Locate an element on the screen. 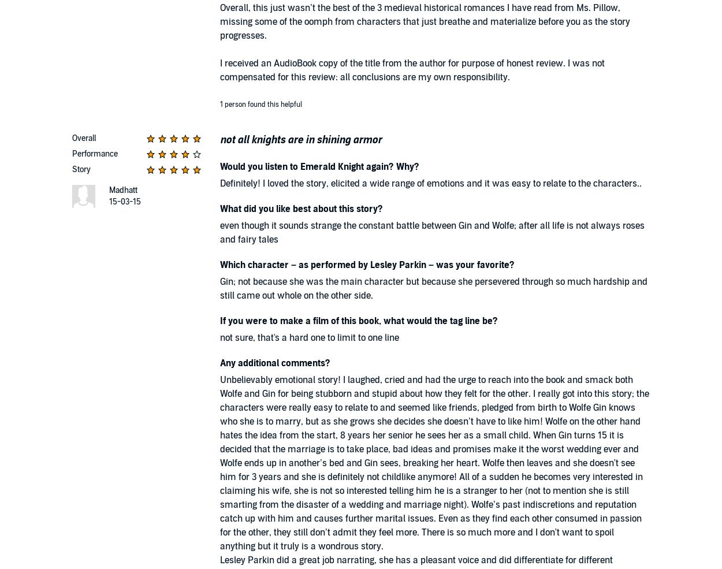  'not all knights are in shining armor' is located at coordinates (220, 139).